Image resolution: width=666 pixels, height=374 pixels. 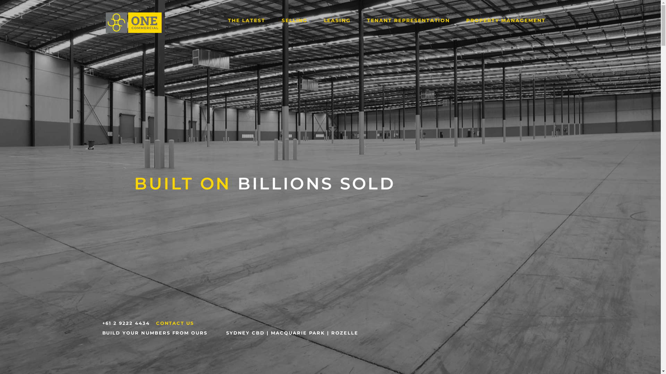 What do you see at coordinates (337, 20) in the screenshot?
I see `'LEASING'` at bounding box center [337, 20].